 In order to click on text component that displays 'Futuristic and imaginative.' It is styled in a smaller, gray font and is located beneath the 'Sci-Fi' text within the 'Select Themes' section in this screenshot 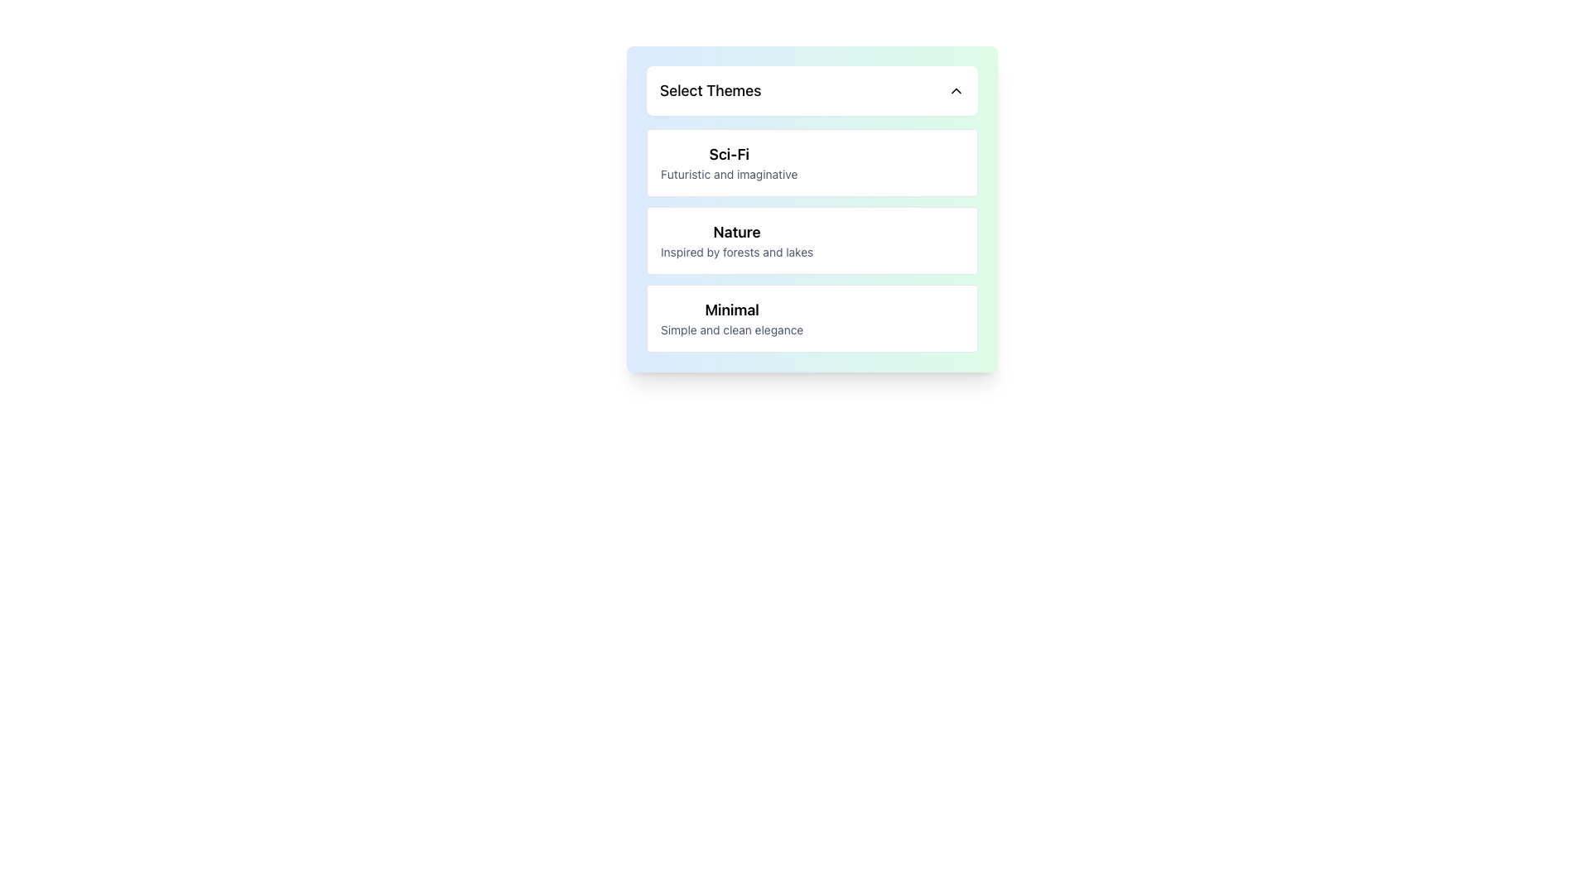, I will do `click(729, 175)`.